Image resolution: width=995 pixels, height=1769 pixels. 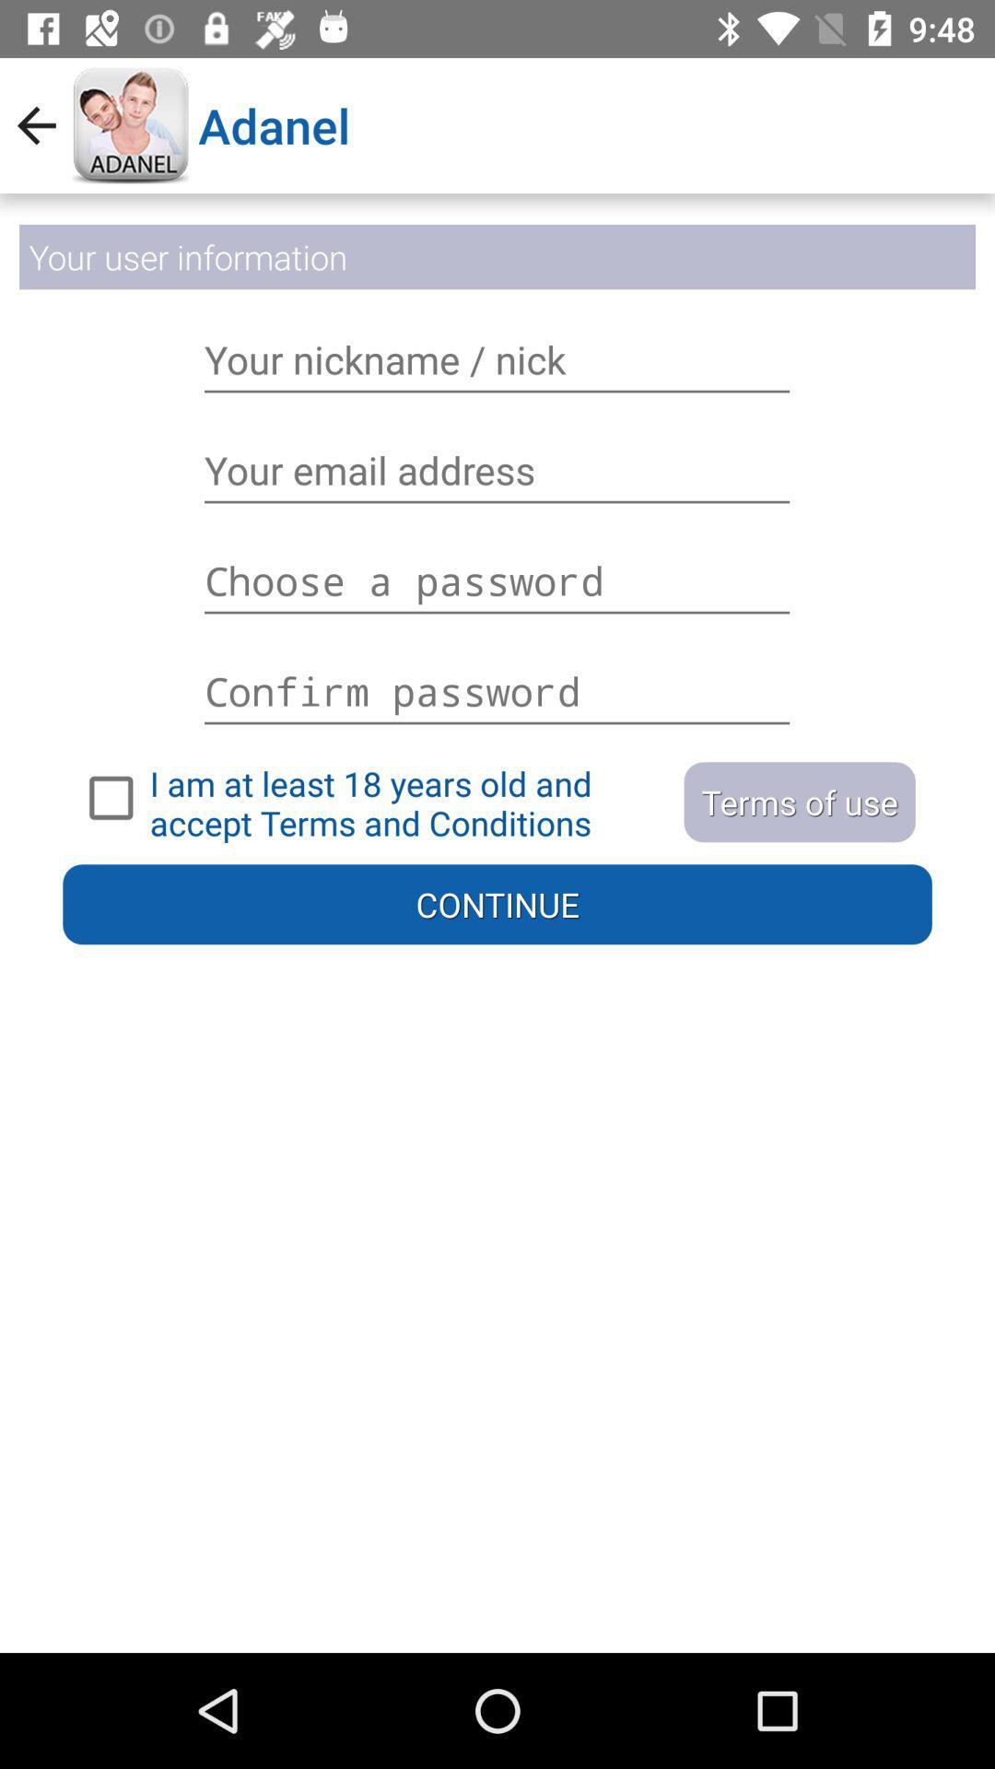 What do you see at coordinates (497, 580) in the screenshot?
I see `choose a password field` at bounding box center [497, 580].